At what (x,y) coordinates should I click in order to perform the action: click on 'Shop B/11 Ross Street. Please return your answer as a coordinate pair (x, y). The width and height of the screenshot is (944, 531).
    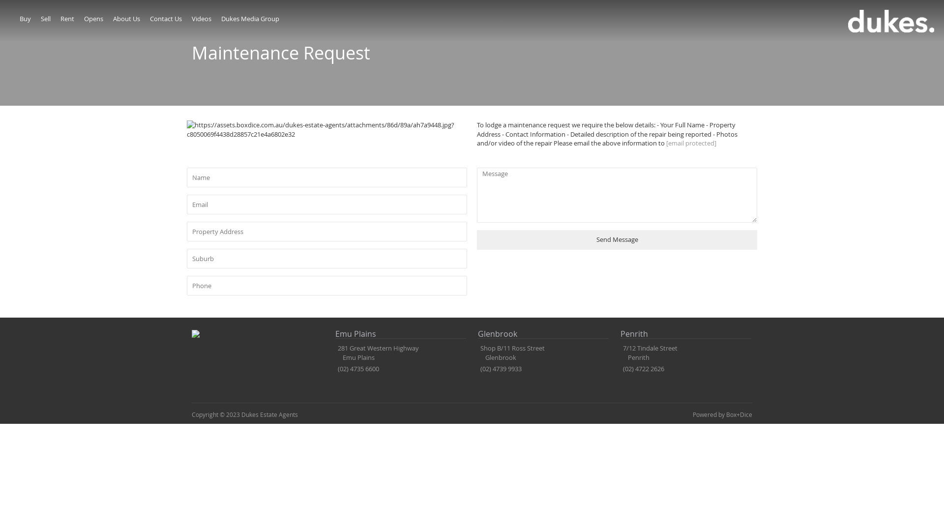
    Looking at the image, I should click on (477, 352).